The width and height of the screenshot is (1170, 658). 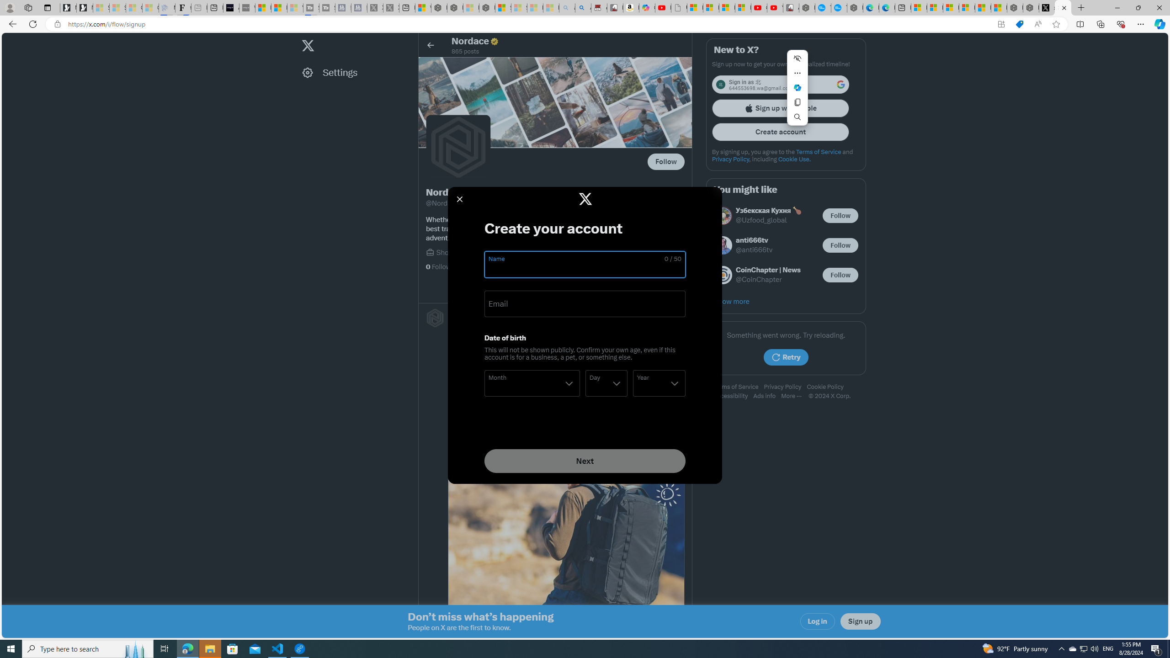 What do you see at coordinates (646, 7) in the screenshot?
I see `'Copilot'` at bounding box center [646, 7].